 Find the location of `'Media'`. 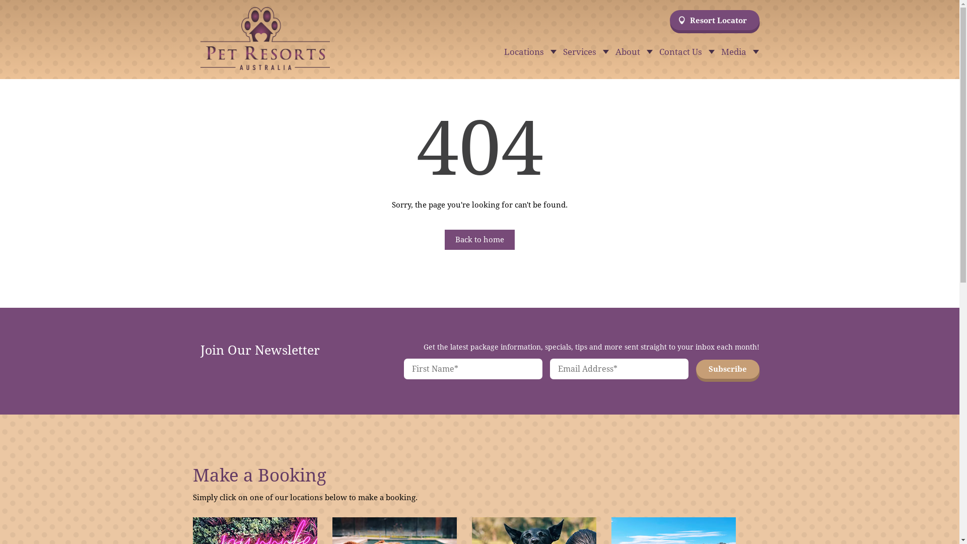

'Media' is located at coordinates (738, 52).